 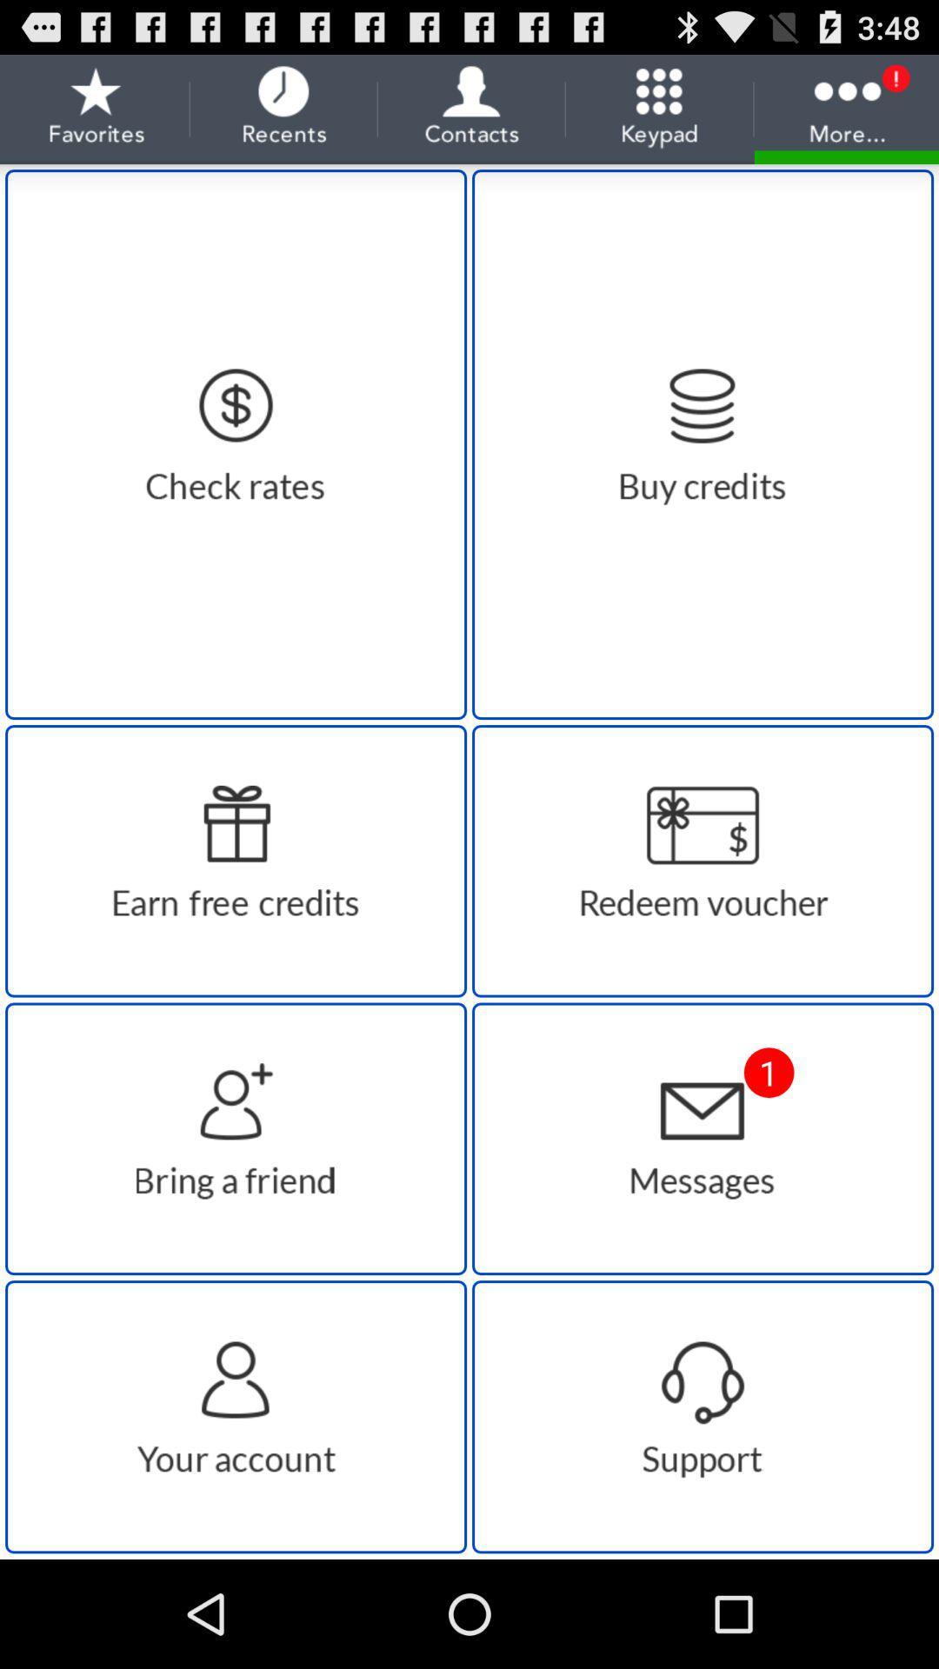 What do you see at coordinates (236, 861) in the screenshot?
I see `earn credits` at bounding box center [236, 861].